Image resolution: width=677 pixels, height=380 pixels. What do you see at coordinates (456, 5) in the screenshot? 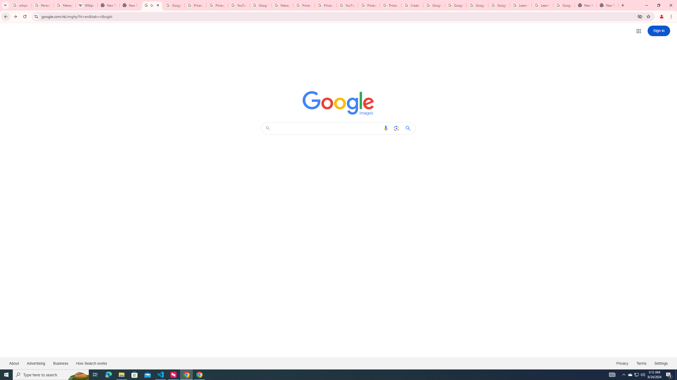
I see `'Google Account Help'` at bounding box center [456, 5].